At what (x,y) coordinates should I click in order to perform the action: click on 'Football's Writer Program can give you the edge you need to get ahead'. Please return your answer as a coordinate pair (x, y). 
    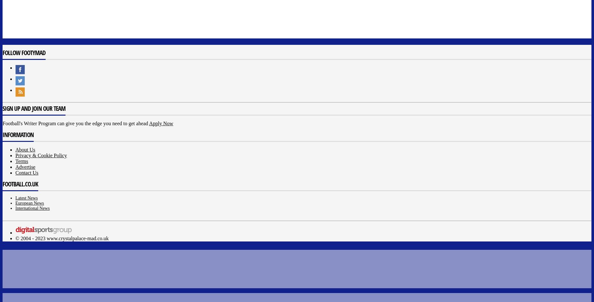
    Looking at the image, I should click on (75, 123).